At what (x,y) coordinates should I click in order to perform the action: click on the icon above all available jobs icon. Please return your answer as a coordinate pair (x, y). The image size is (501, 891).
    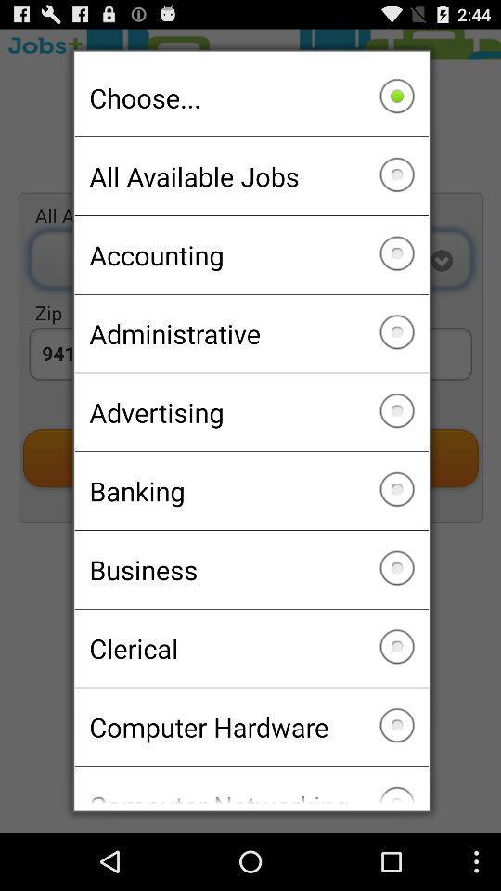
    Looking at the image, I should click on (250, 97).